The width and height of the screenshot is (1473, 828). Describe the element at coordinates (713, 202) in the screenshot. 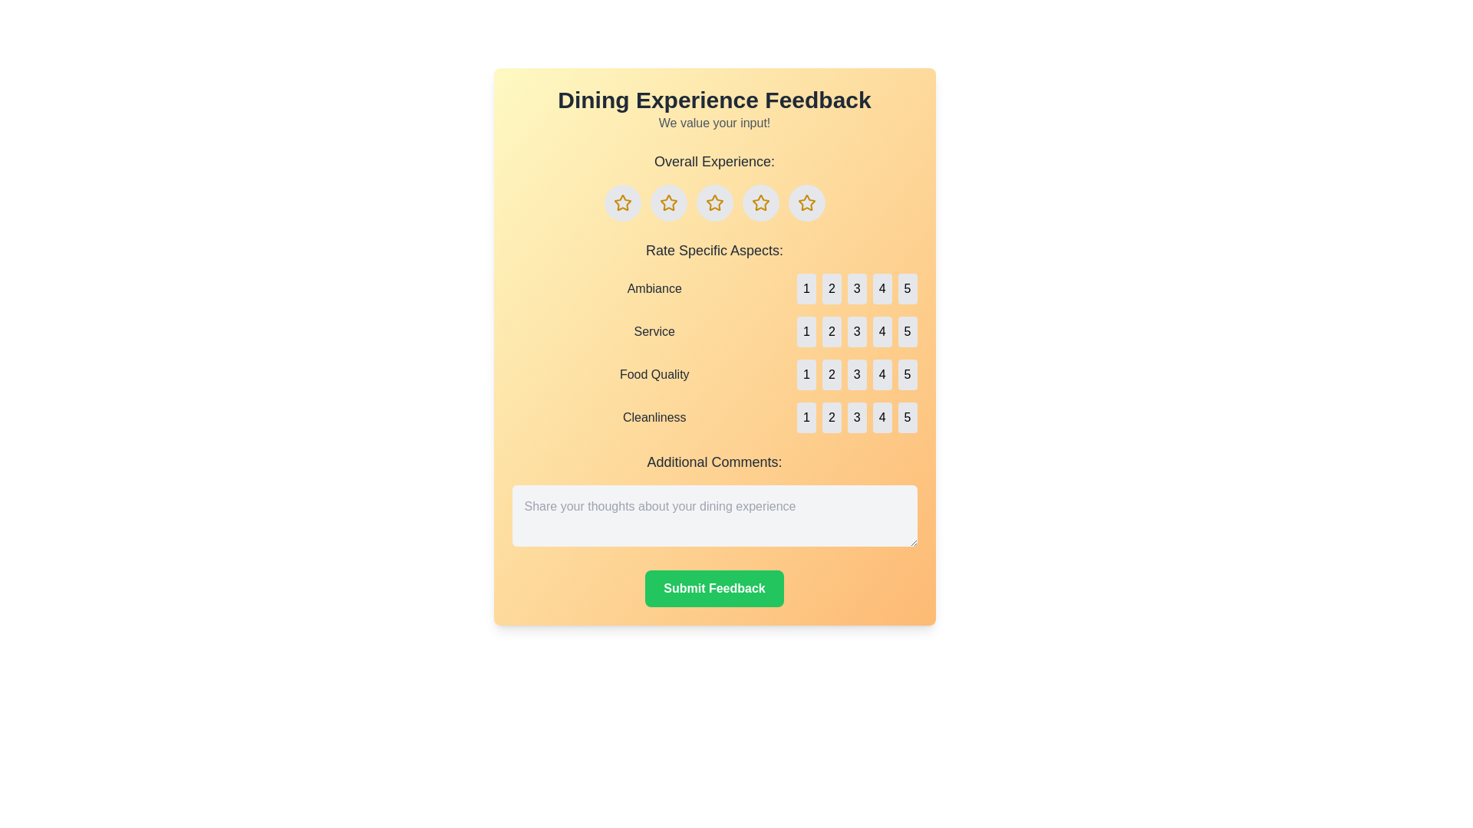

I see `the third star icon in the 'Overall Experience' section to assign a rating` at that location.